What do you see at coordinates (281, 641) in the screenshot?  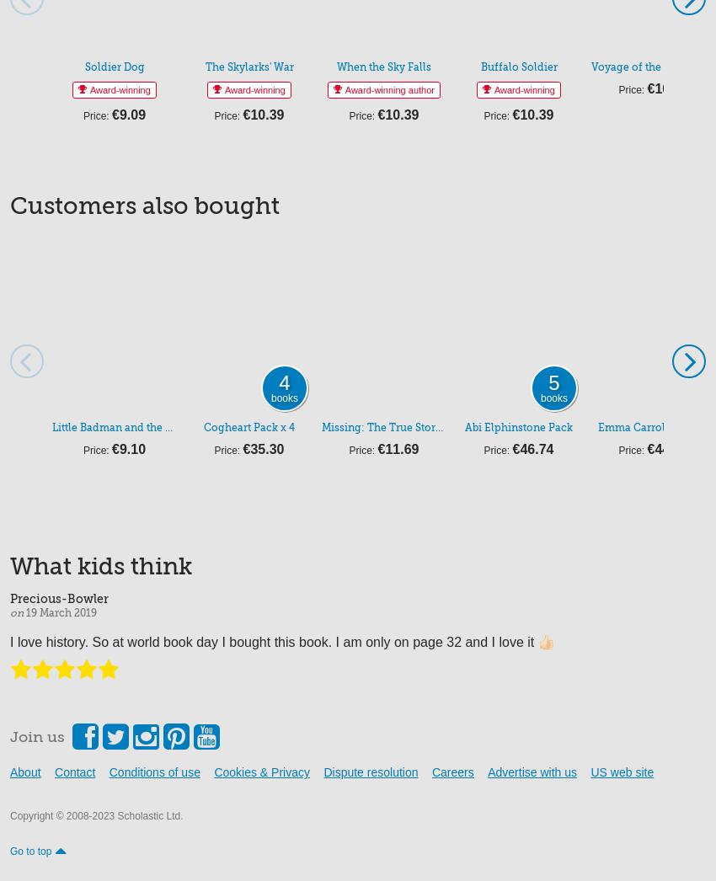 I see `'I love history. So at world book day I bought this book. I am only on page 32 and I love it 👍🏻'` at bounding box center [281, 641].